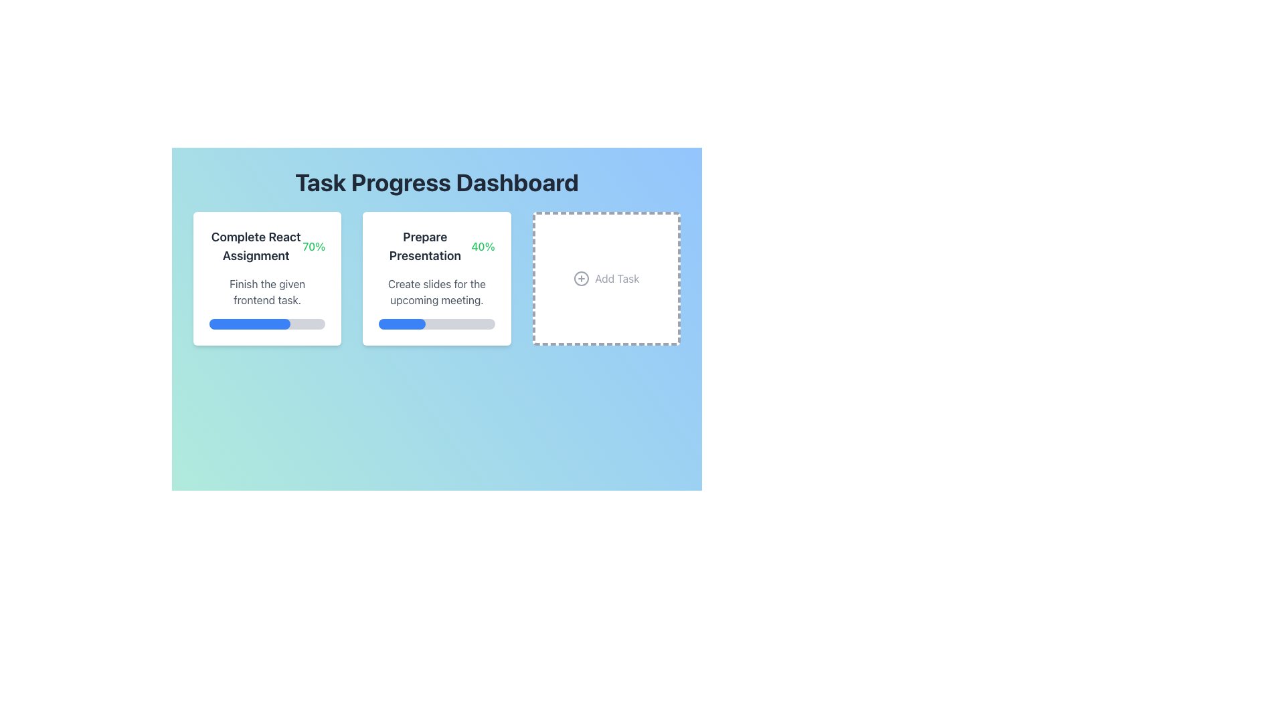 The image size is (1285, 722). I want to click on the bold title 'Prepare Presentation' with the percentage value '40%' displayed in green, located, so click(436, 247).